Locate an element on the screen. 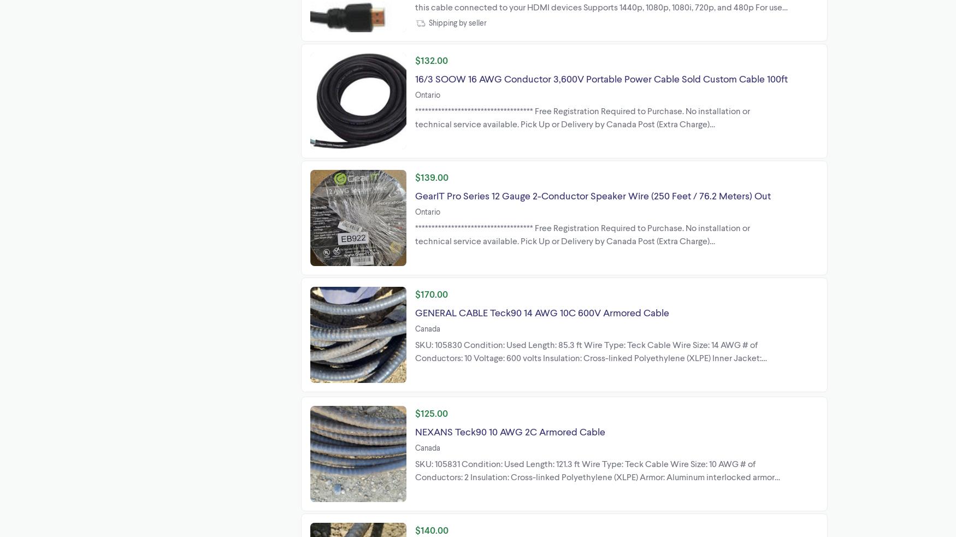  '$140.00' is located at coordinates (431, 529).